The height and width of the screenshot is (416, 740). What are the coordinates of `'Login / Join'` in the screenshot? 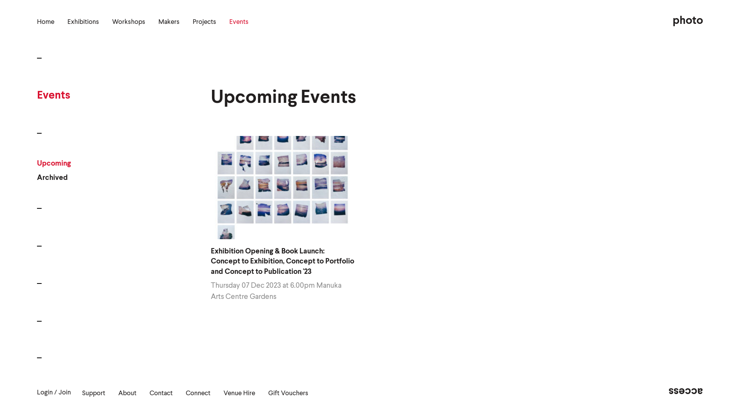 It's located at (37, 393).